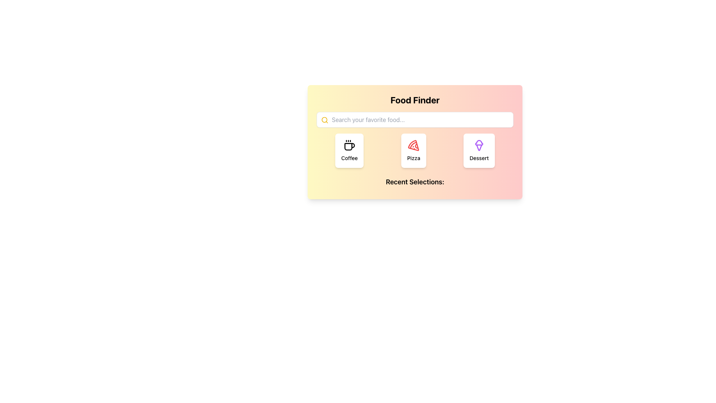  What do you see at coordinates (416, 146) in the screenshot?
I see `the Decorative illustration component of the pizza icon, which is located on the right side of the pizza illustration within the menu options` at bounding box center [416, 146].